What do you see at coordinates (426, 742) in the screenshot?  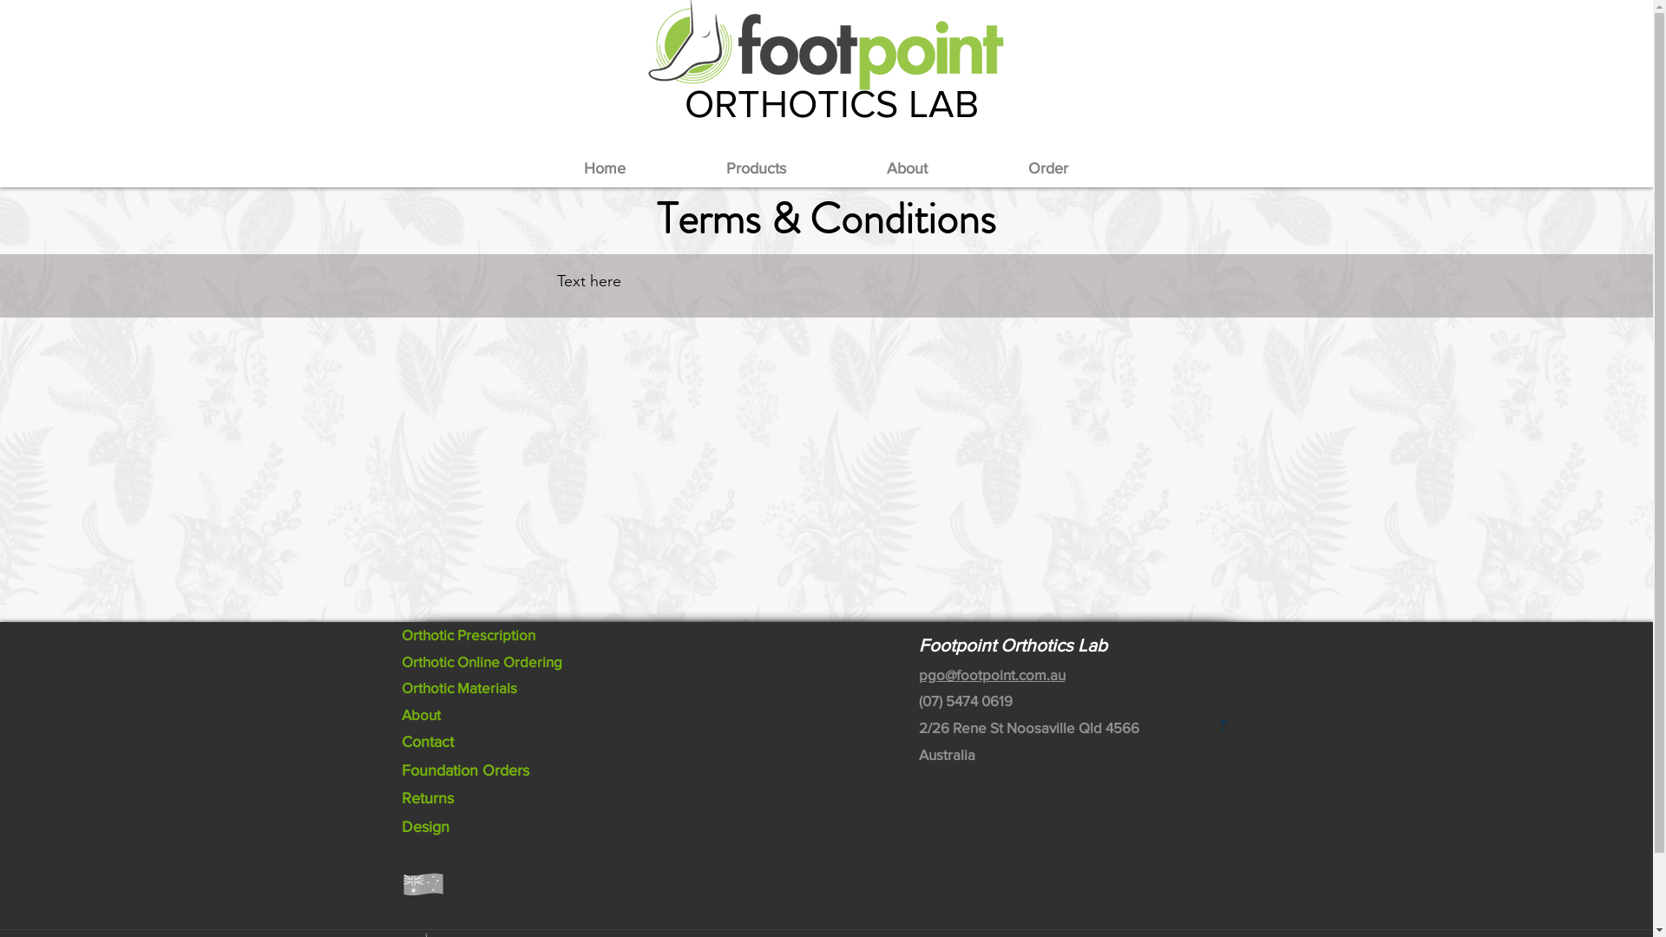 I see `'Contact'` at bounding box center [426, 742].